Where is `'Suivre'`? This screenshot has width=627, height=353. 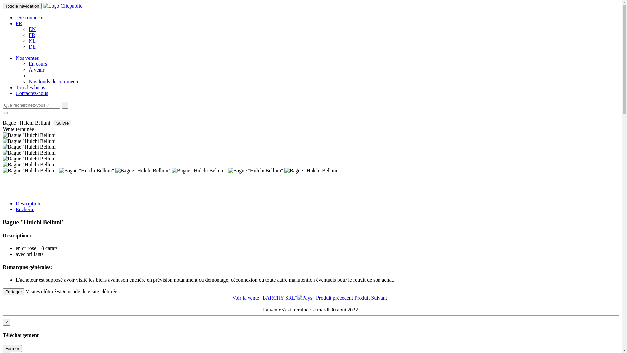 'Suivre' is located at coordinates (63, 123).